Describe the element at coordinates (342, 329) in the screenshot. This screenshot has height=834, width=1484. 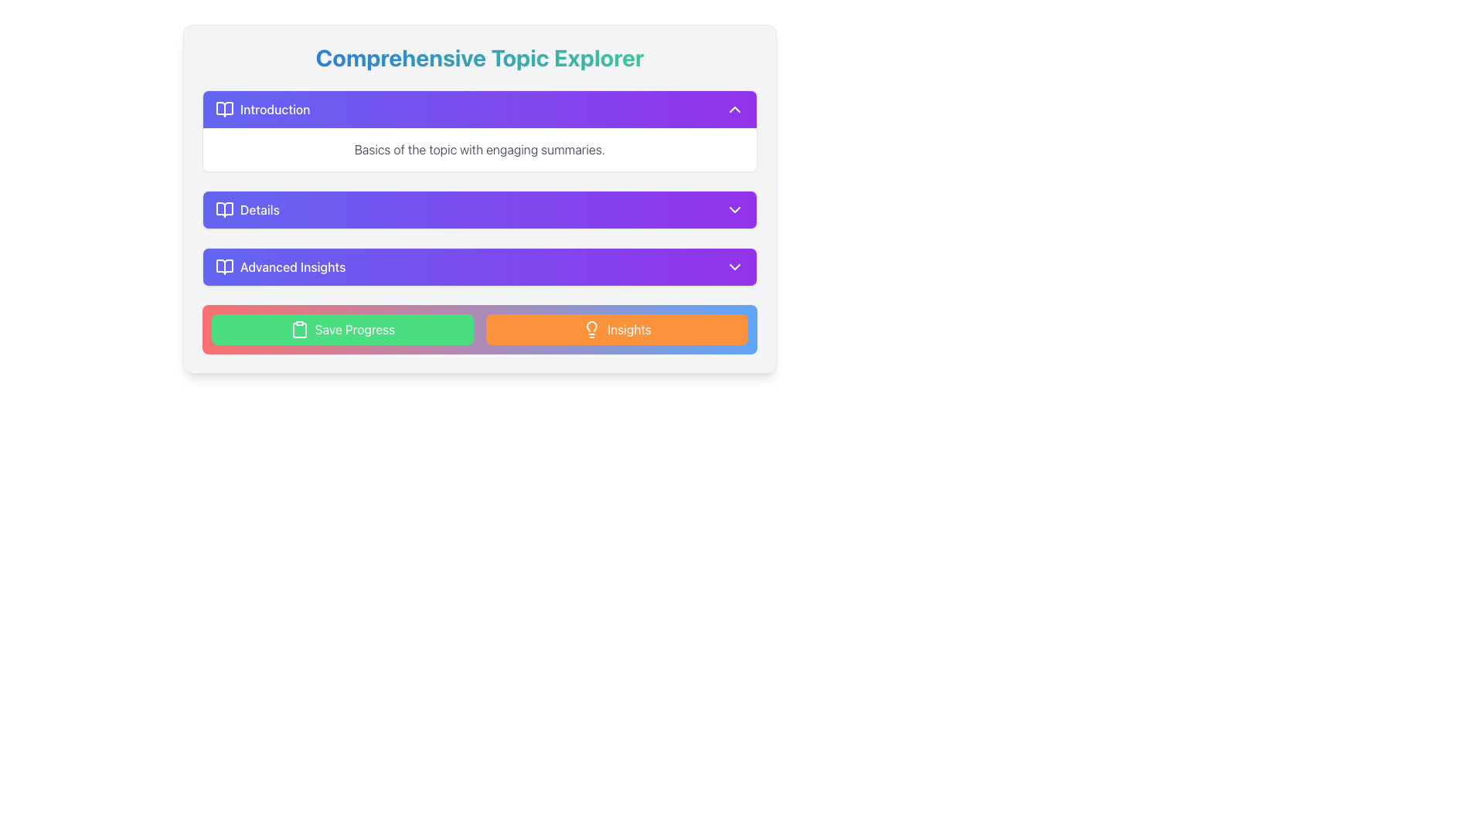
I see `the leftmost button labeled 'Save Progress' within the 'Save Progress Insights' card to change its color` at that location.